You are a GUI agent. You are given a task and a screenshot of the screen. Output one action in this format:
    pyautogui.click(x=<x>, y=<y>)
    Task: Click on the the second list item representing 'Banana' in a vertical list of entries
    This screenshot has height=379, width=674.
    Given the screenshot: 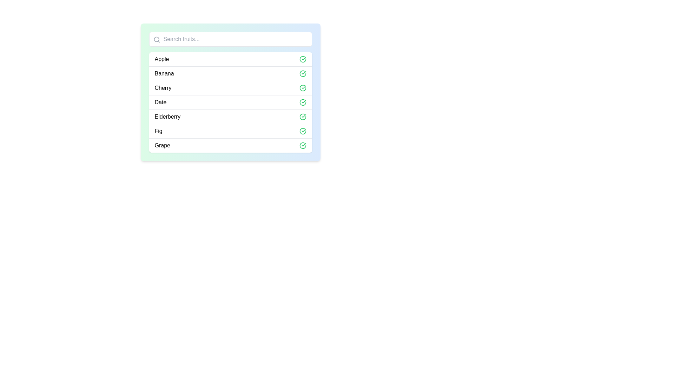 What is the action you would take?
    pyautogui.click(x=230, y=73)
    